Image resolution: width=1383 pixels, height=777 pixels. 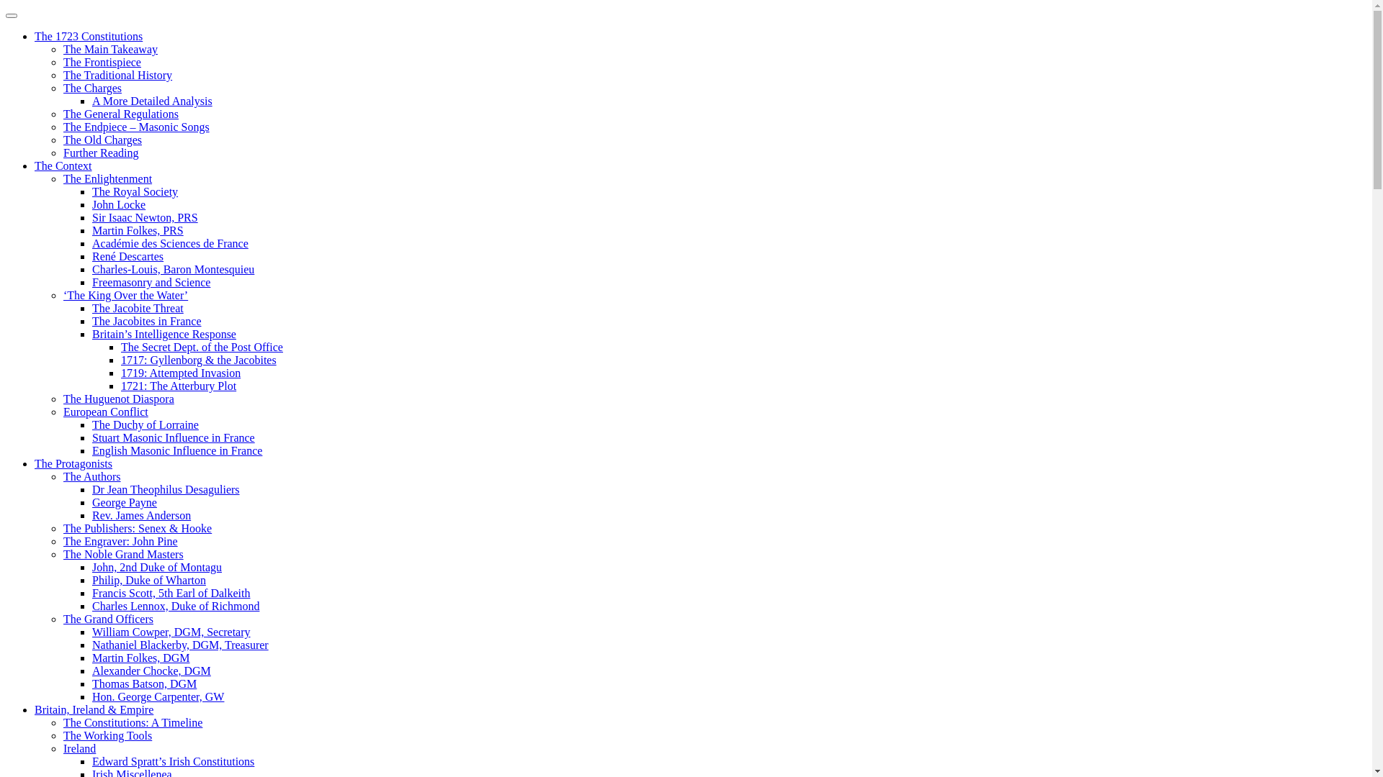 I want to click on 'The Engraver: John Pine', so click(x=120, y=541).